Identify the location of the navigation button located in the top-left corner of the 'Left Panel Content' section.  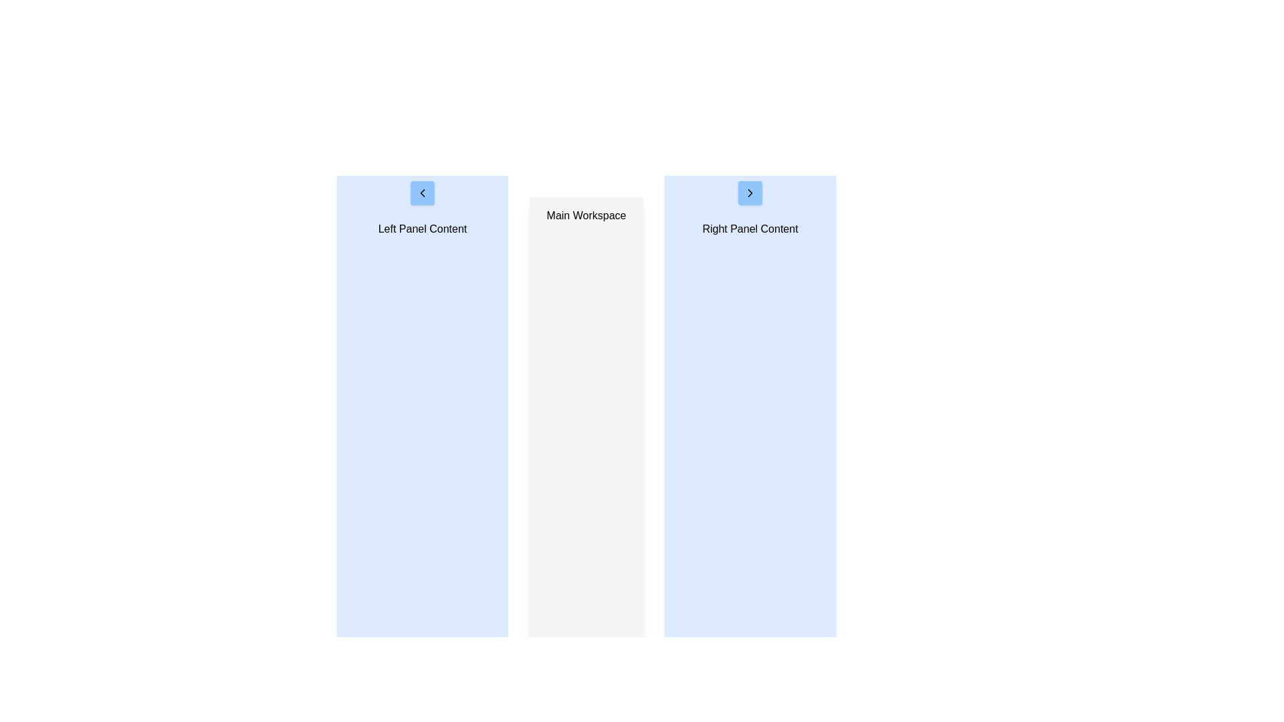
(422, 193).